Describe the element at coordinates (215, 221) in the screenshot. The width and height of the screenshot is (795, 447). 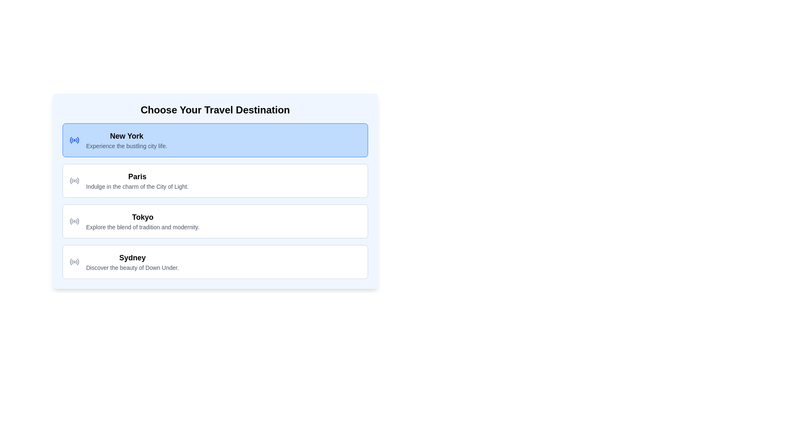
I see `the selectable list item labeled 'Tokyo' for accessibility` at that location.